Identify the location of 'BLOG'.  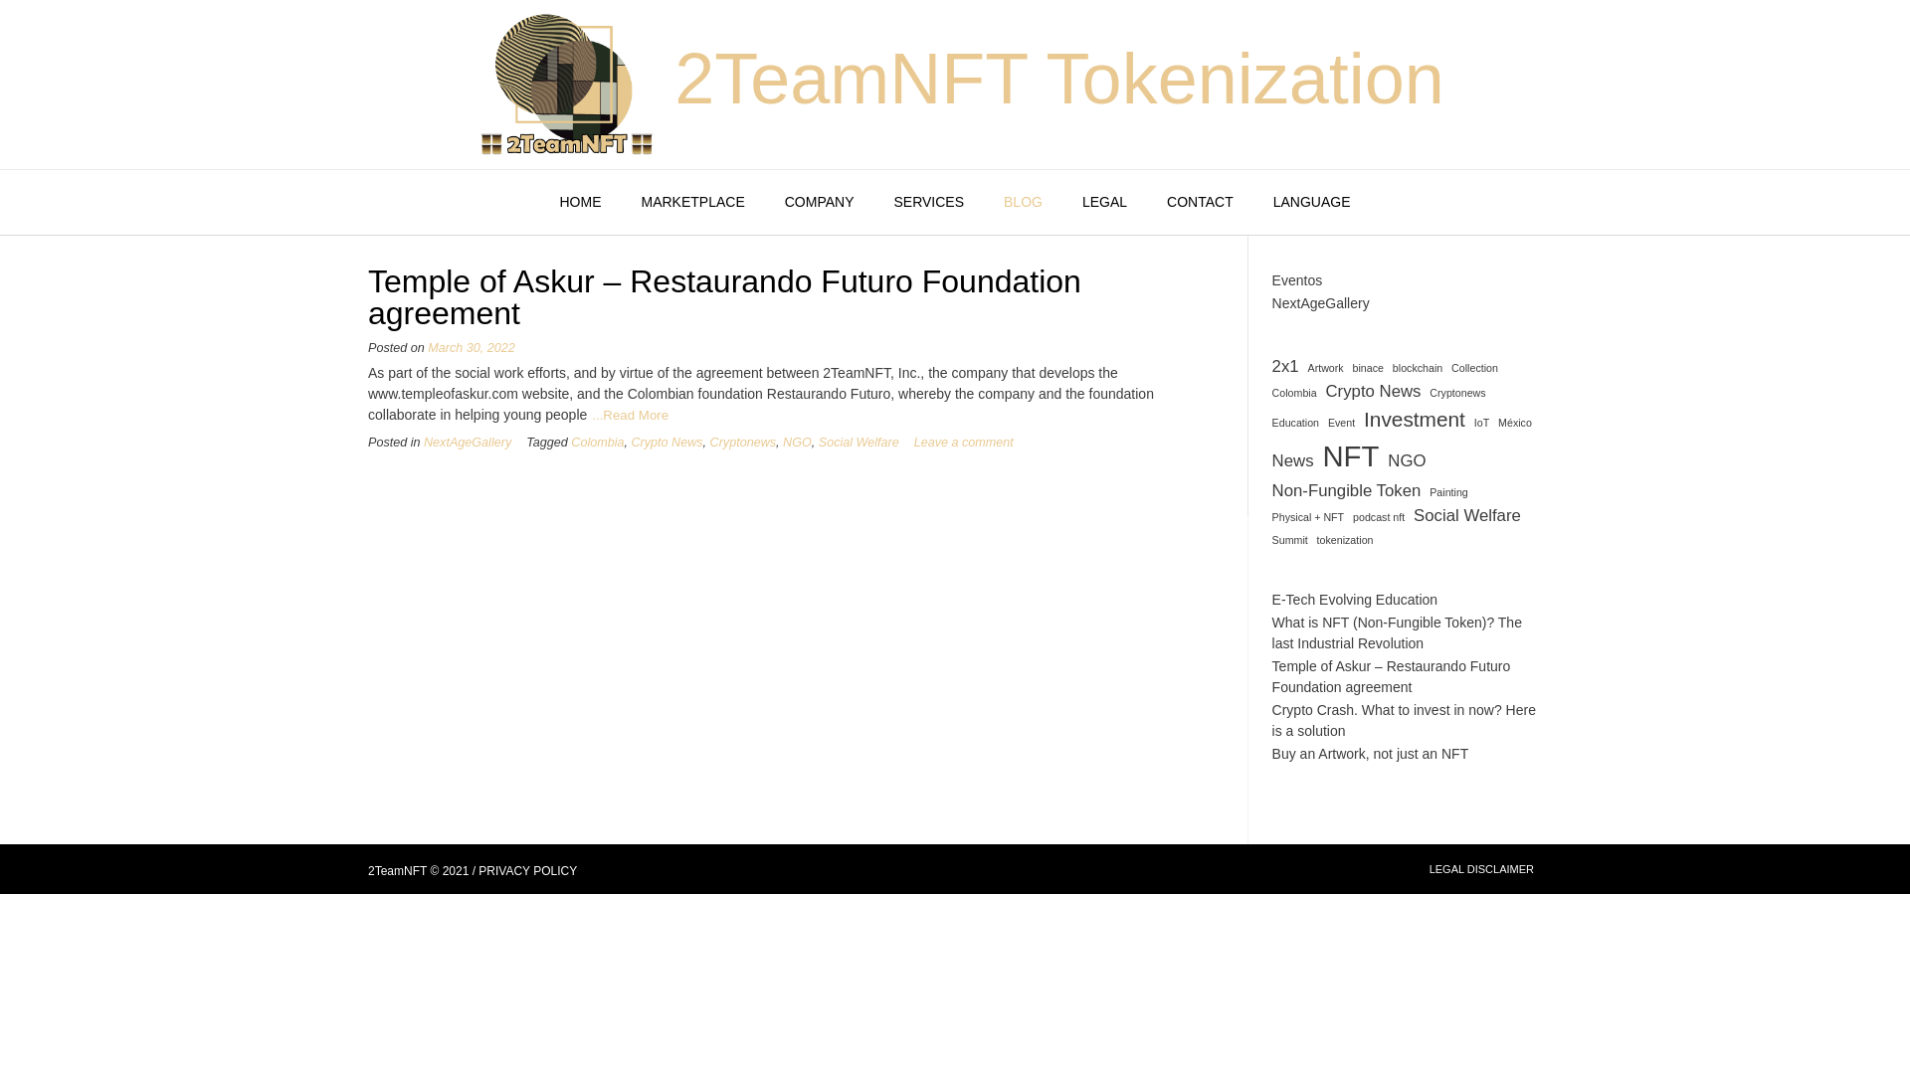
(1023, 203).